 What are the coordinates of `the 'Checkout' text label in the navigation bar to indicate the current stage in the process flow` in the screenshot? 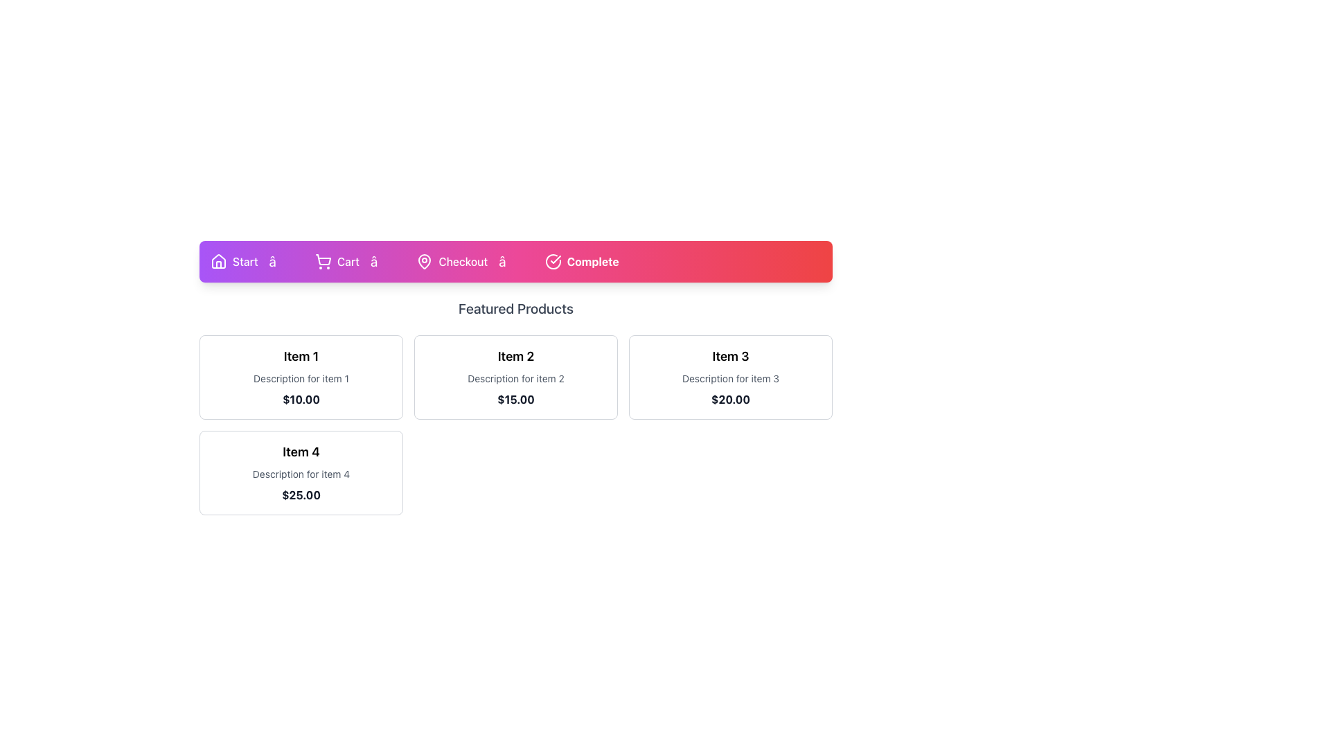 It's located at (463, 262).